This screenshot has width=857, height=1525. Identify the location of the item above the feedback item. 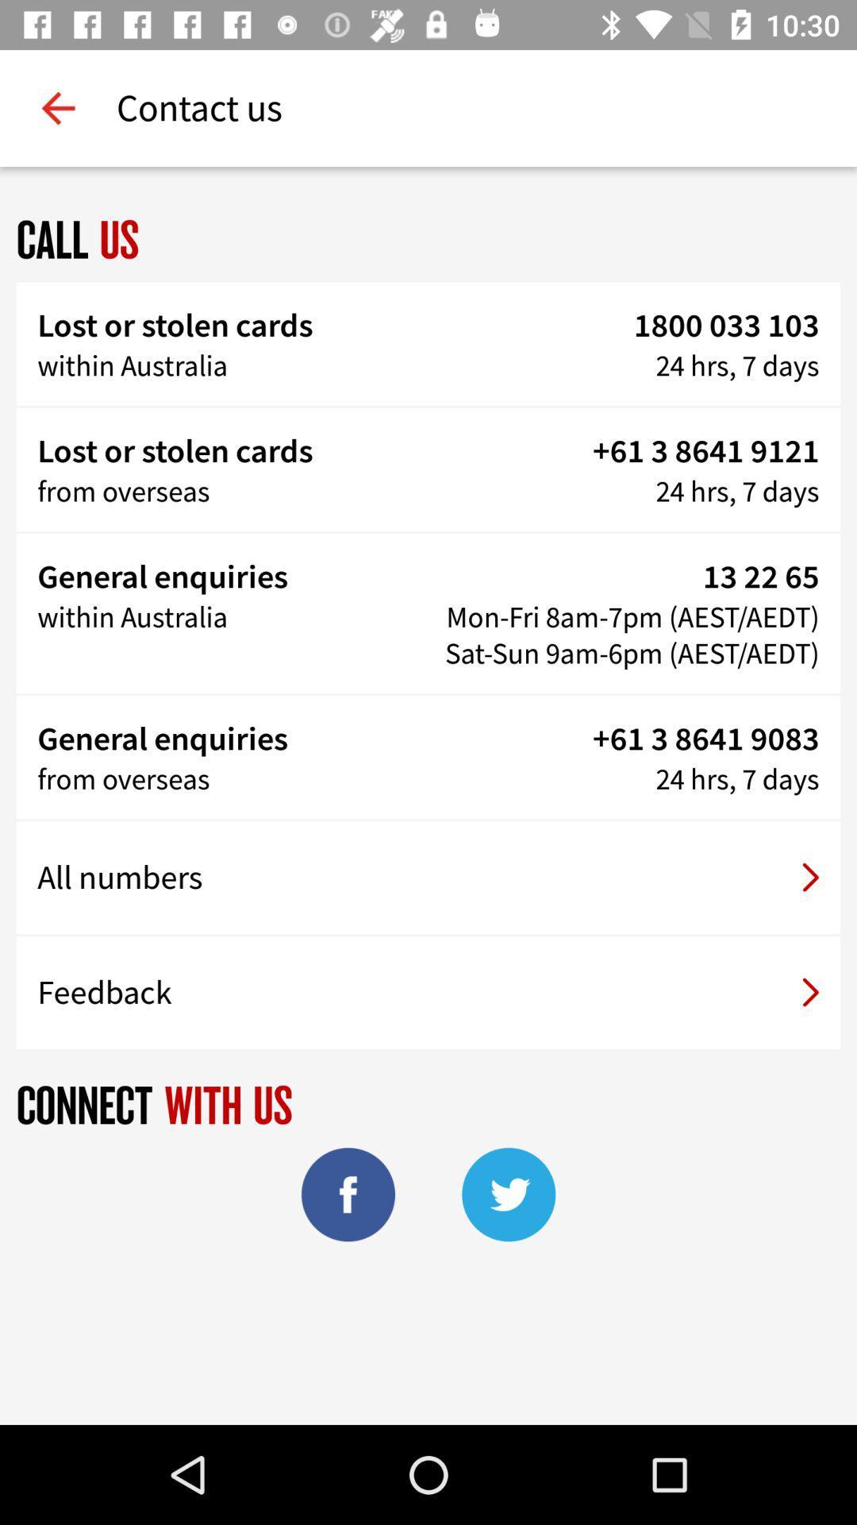
(428, 877).